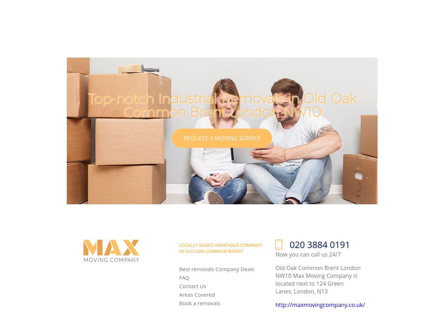 This screenshot has width=444, height=318. I want to click on 'Areas Covered', so click(197, 293).